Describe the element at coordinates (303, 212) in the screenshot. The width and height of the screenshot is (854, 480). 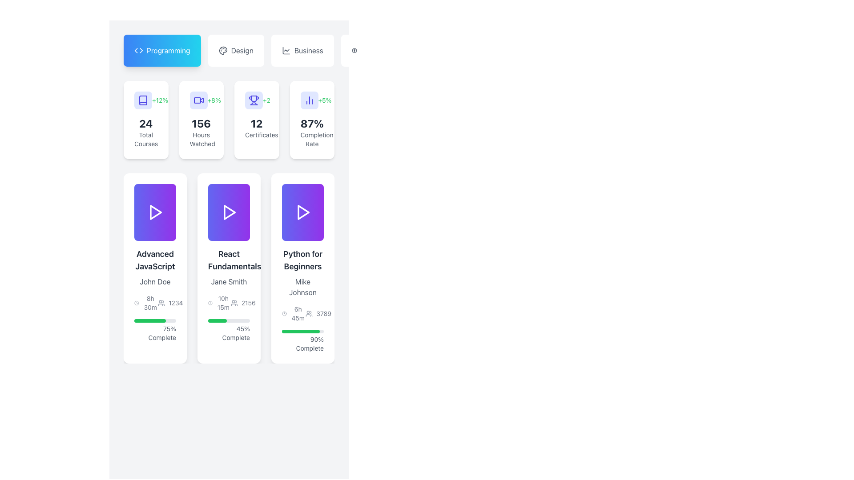
I see `the triangular play icon with white lines on a purple background located within the third course card titled 'Python for Beginners' to initiate playback` at that location.